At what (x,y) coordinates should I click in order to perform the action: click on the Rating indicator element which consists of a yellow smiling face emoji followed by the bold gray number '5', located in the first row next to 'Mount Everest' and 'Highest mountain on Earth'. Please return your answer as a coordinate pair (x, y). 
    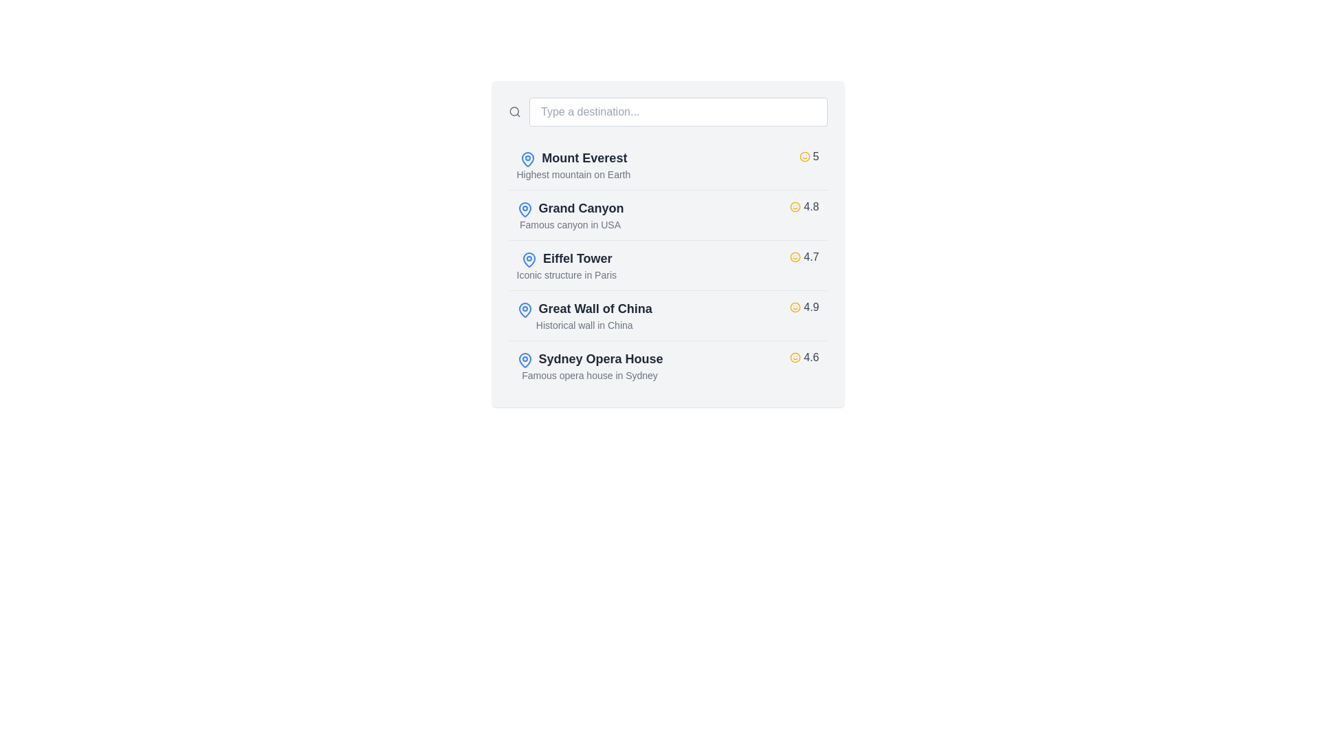
    Looking at the image, I should click on (808, 155).